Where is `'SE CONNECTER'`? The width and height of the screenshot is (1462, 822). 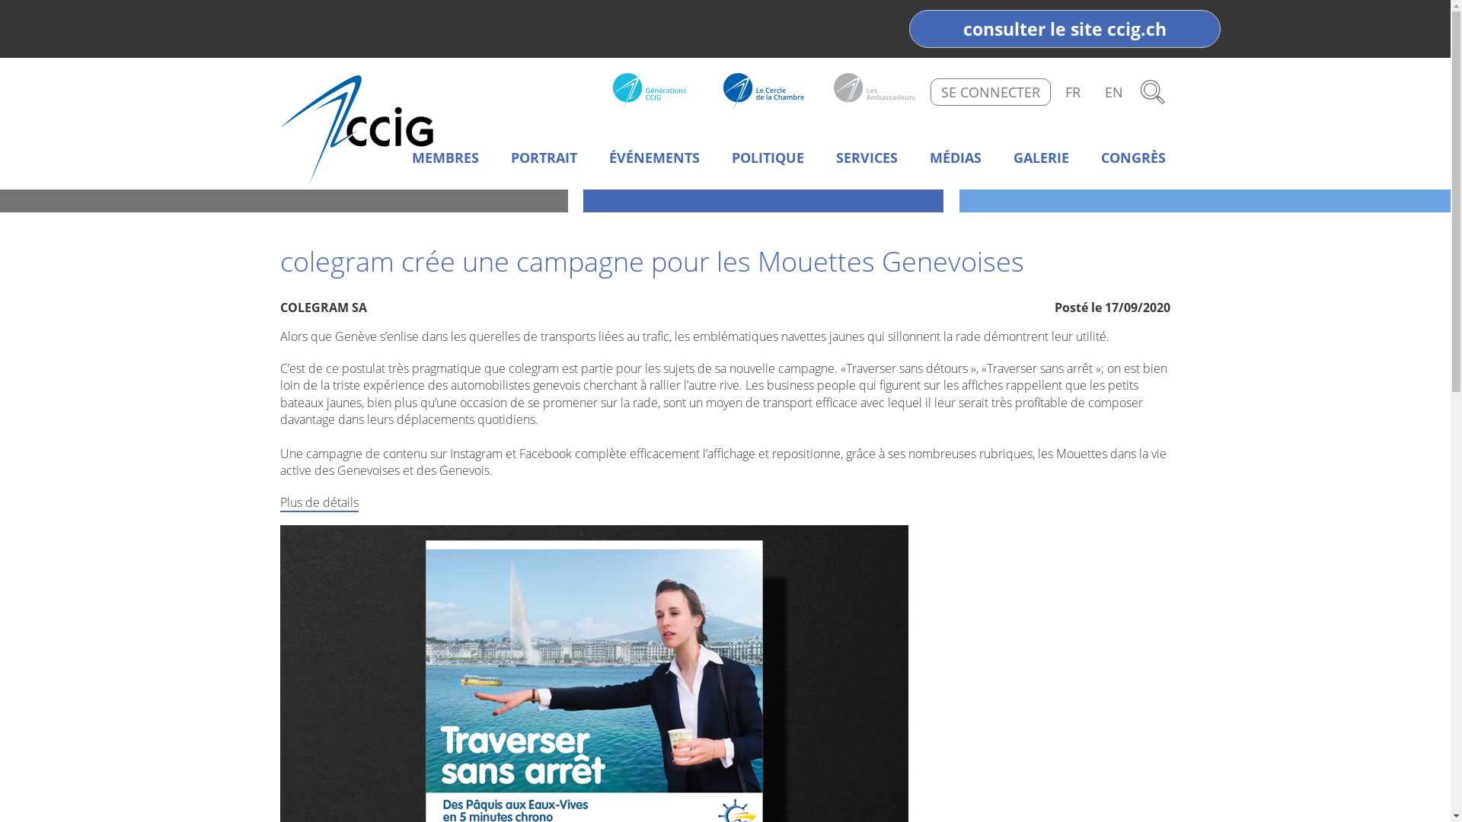
'SE CONNECTER' is located at coordinates (990, 91).